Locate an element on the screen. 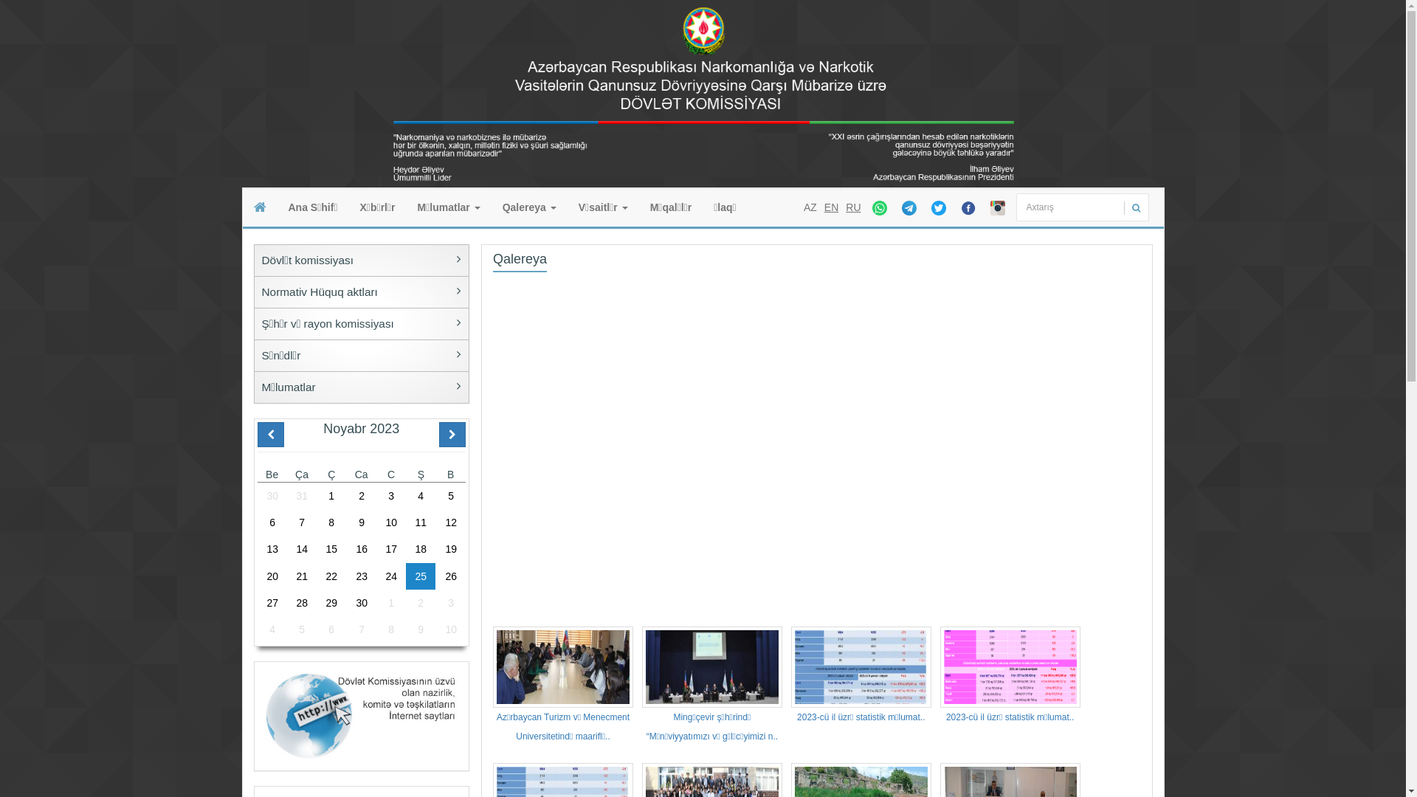 This screenshot has height=797, width=1417. '11' is located at coordinates (420, 522).